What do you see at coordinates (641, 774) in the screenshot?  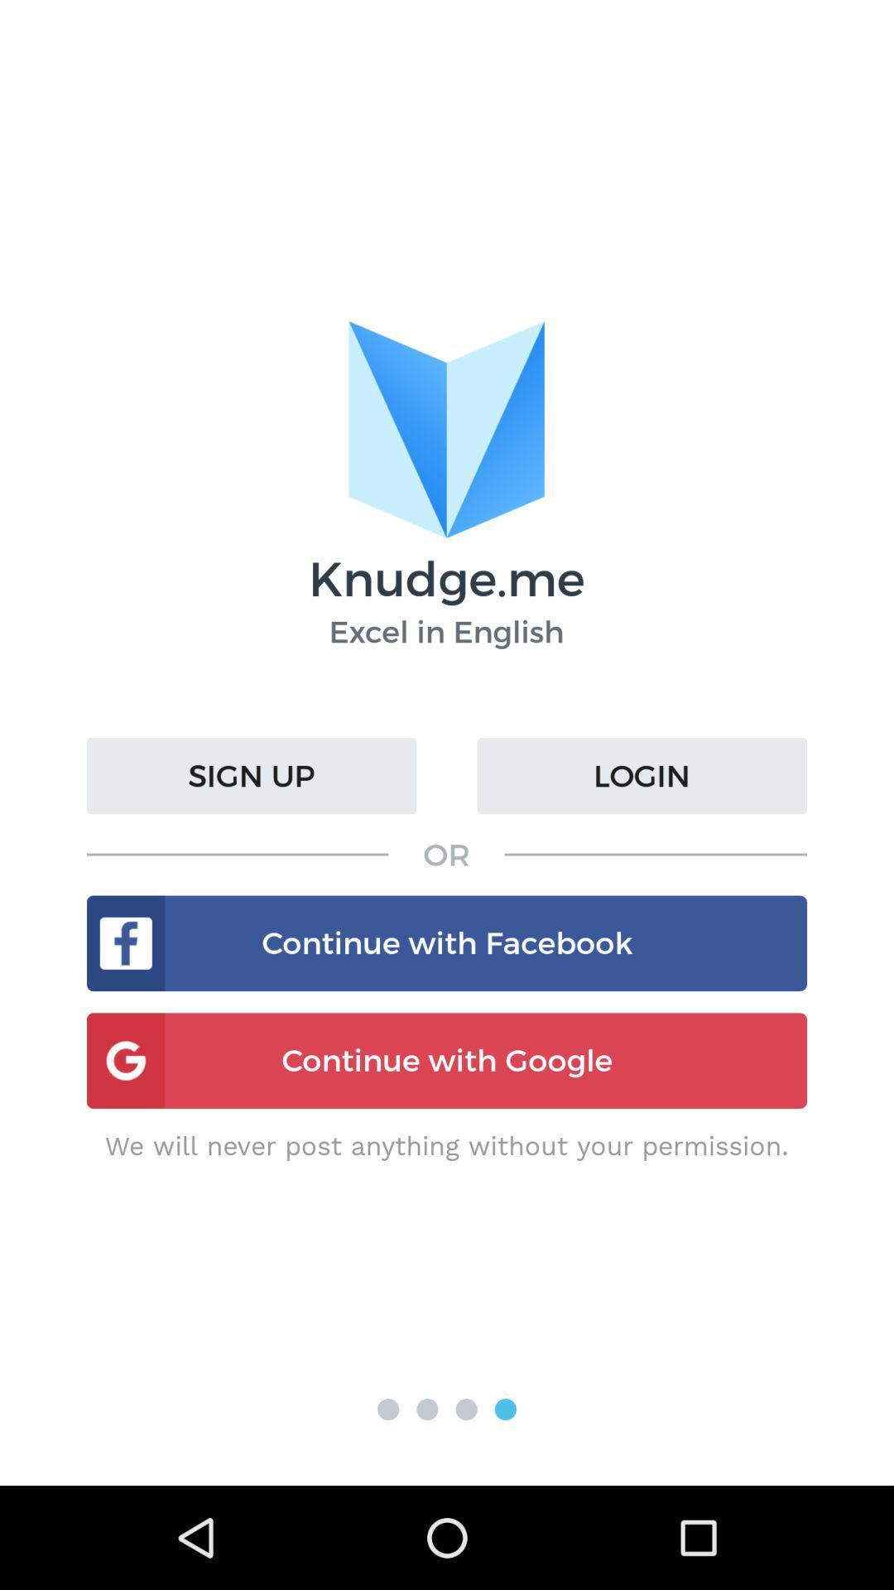 I see `the button beside signup` at bounding box center [641, 774].